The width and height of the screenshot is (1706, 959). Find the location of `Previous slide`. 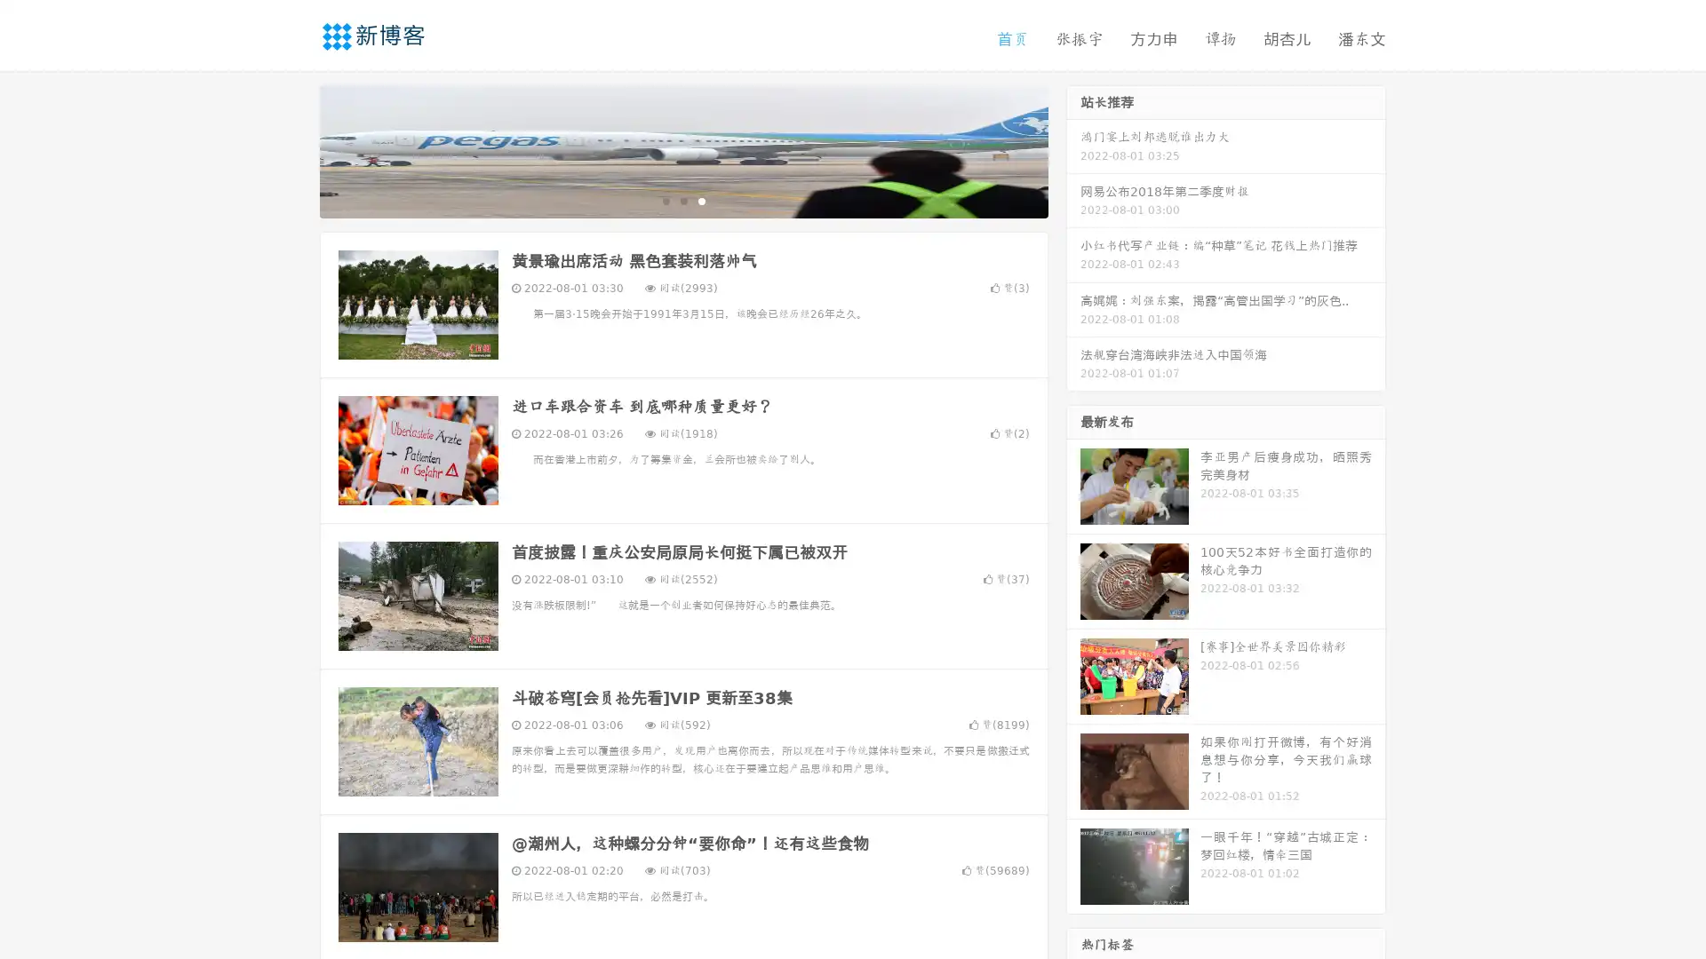

Previous slide is located at coordinates (293, 149).